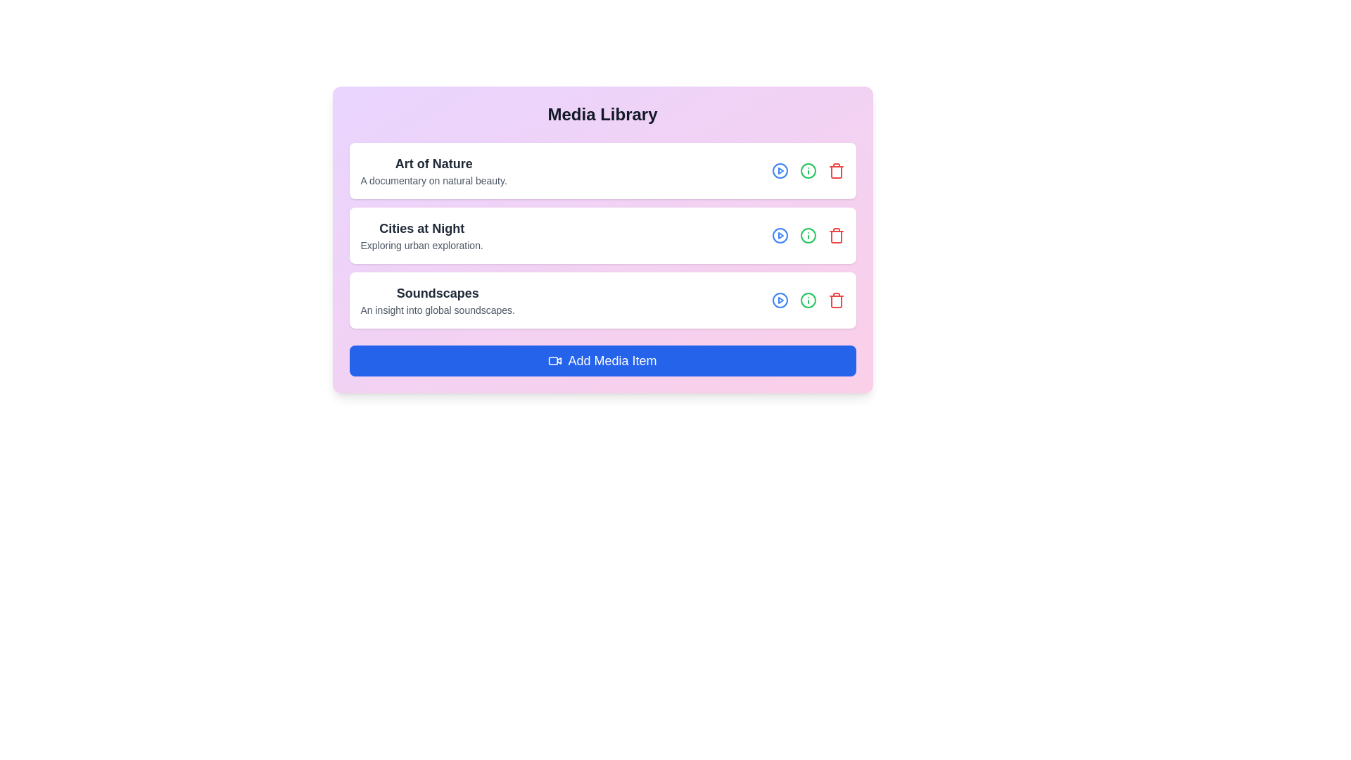 This screenshot has width=1351, height=760. I want to click on trash icon for the media item titled Cities at Night to remove it, so click(836, 235).